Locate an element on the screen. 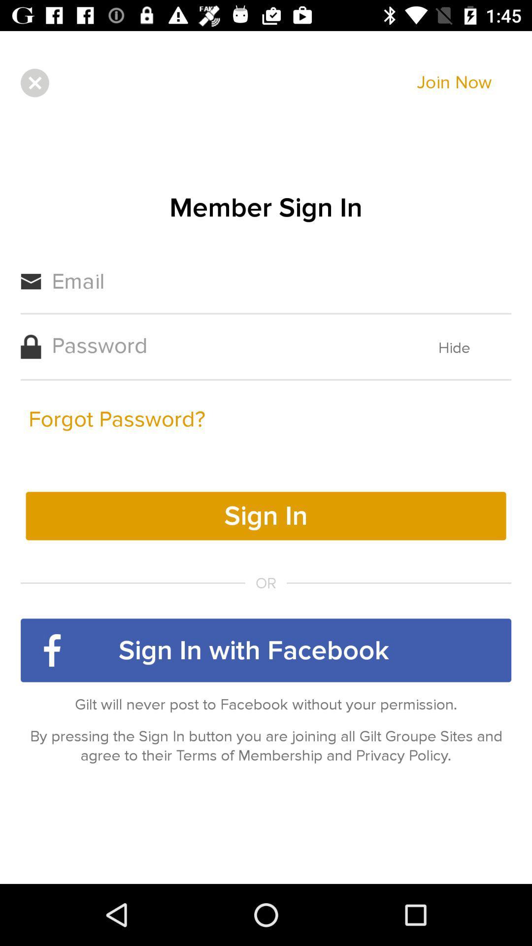 The width and height of the screenshot is (532, 946). hide item is located at coordinates (454, 348).